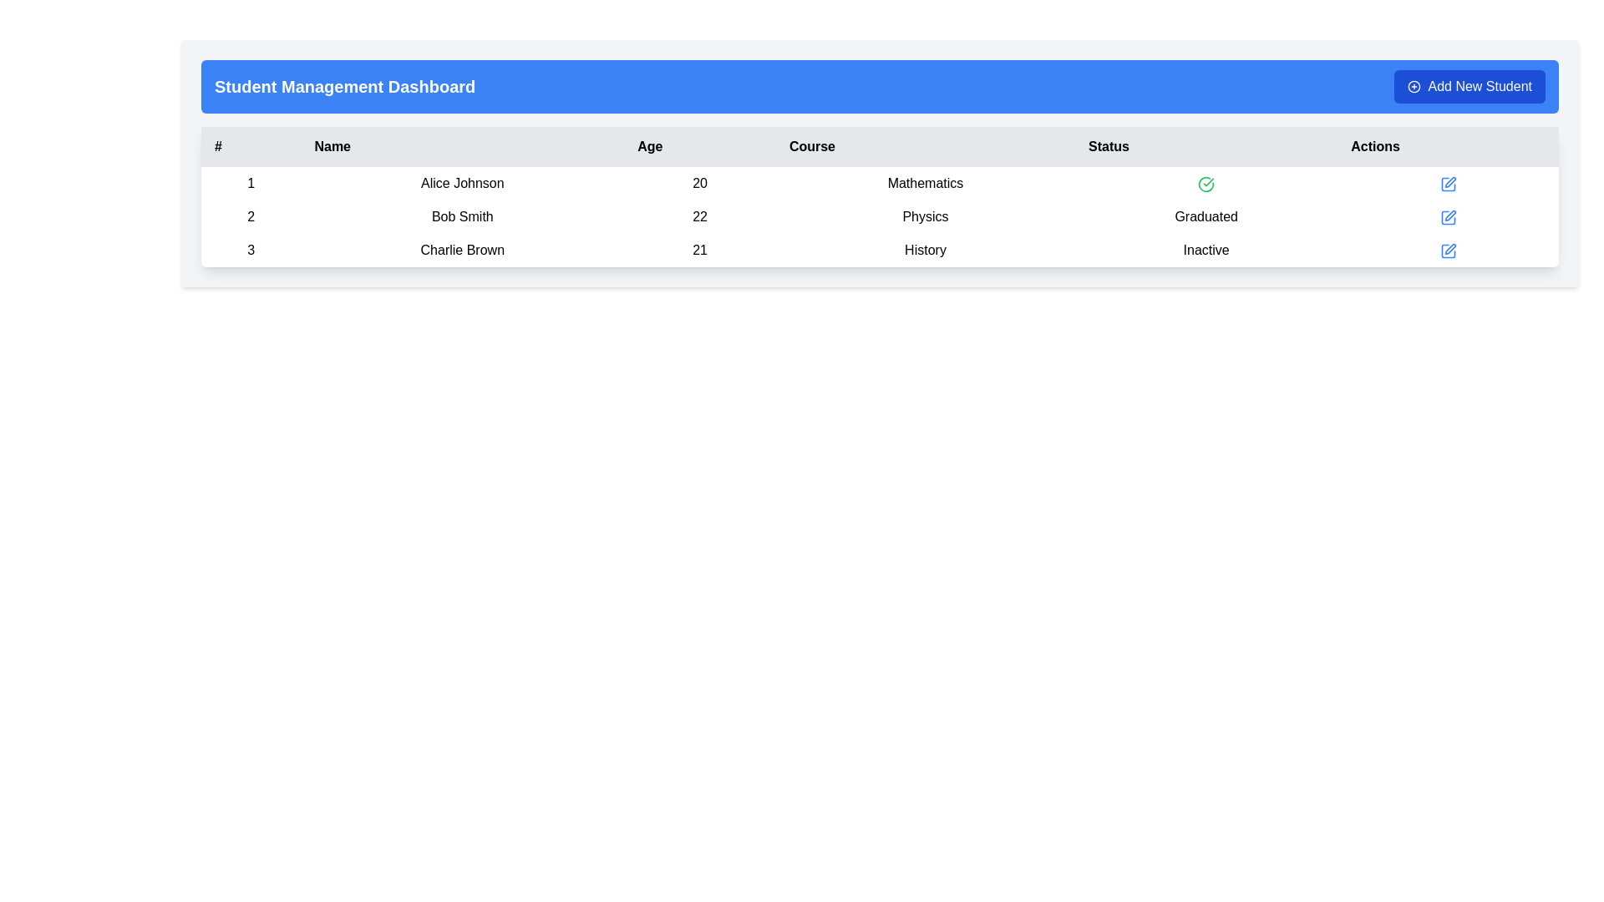  Describe the element at coordinates (700, 251) in the screenshot. I see `the text label displaying the age of 'Charlie Brown' in the third row of the table under the 'Age' column` at that location.